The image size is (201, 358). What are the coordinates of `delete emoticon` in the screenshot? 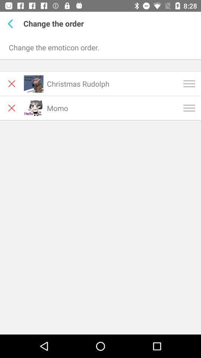 It's located at (11, 107).